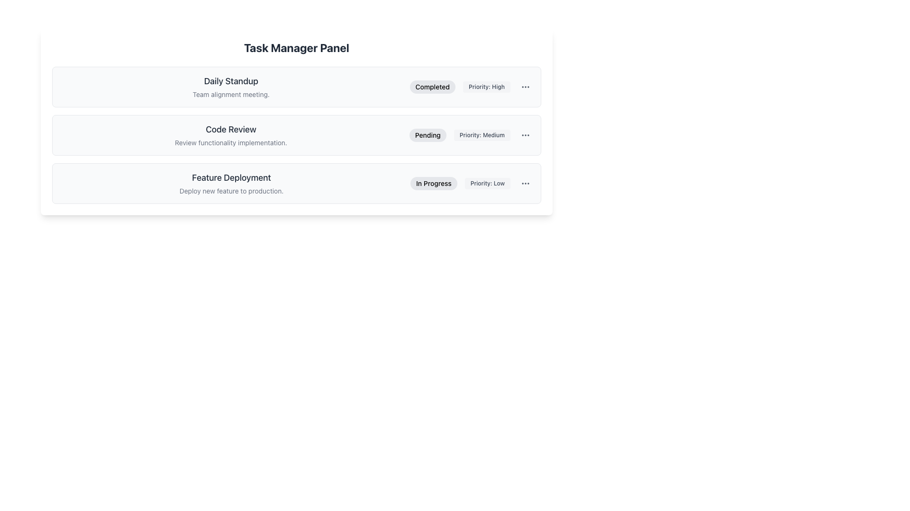 The image size is (910, 511). I want to click on the third task list item in the task management dashboard, so click(296, 184).